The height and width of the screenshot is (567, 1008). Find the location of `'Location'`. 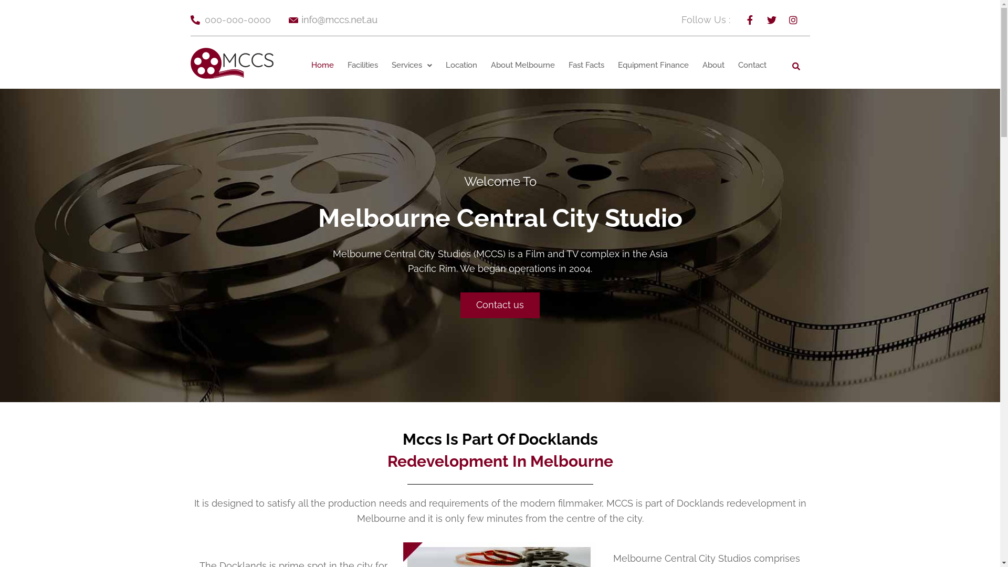

'Location' is located at coordinates (461, 65).